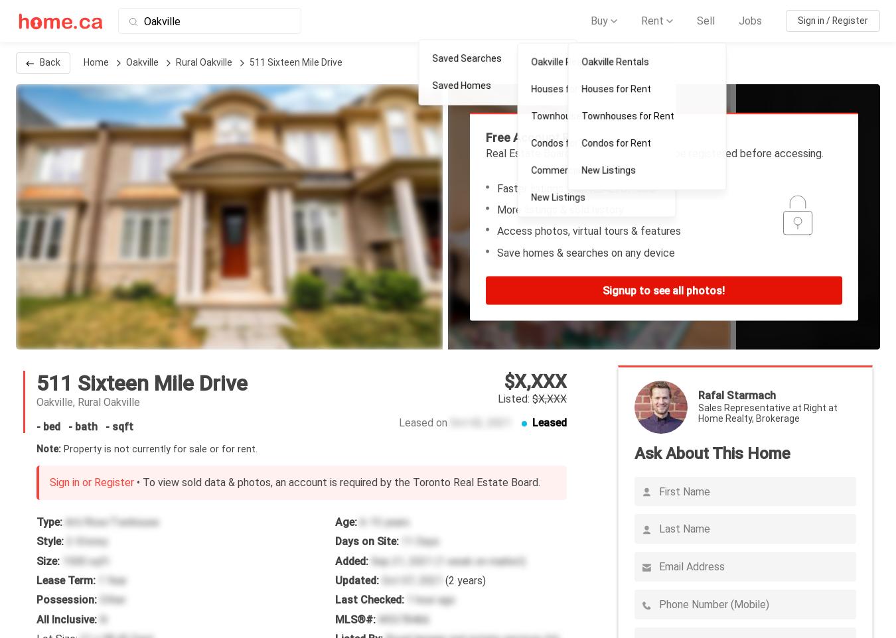  I want to click on 'Houses for Rent', so click(618, 90).